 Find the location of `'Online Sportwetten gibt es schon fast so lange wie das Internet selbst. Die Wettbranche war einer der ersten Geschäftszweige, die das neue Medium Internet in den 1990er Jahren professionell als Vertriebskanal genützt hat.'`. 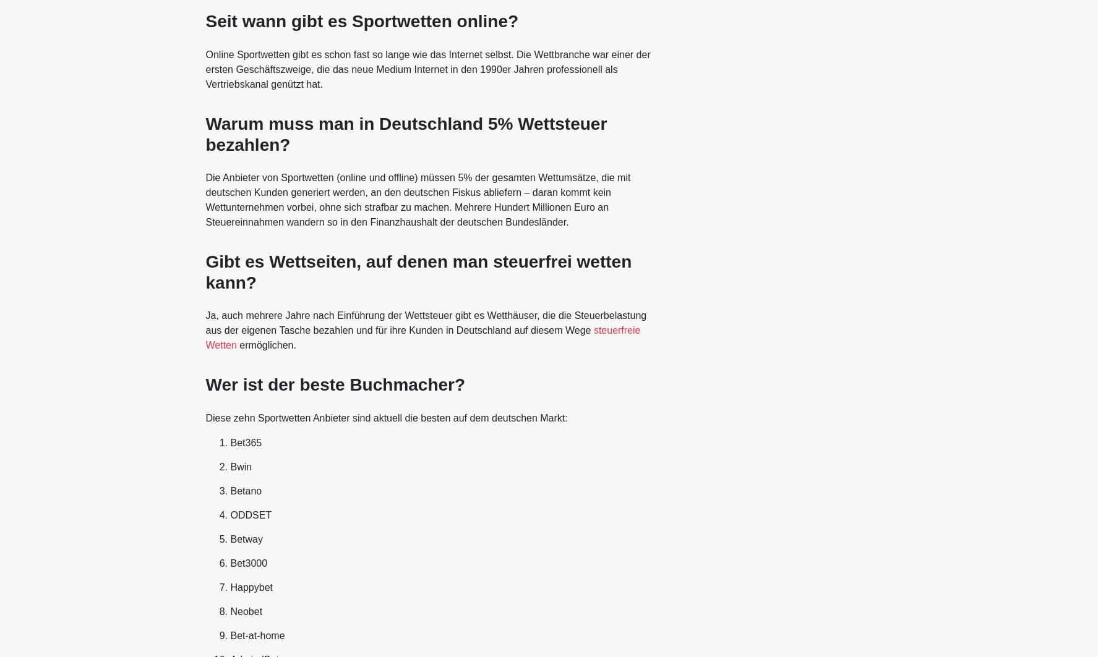

'Online Sportwetten gibt es schon fast so lange wie das Internet selbst. Die Wettbranche war einer der ersten Geschäftszweige, die das neue Medium Internet in den 1990er Jahren professionell als Vertriebskanal genützt hat.' is located at coordinates (427, 69).